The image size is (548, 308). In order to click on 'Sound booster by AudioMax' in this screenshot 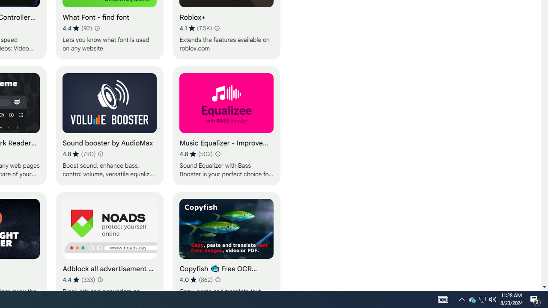, I will do `click(109, 125)`.